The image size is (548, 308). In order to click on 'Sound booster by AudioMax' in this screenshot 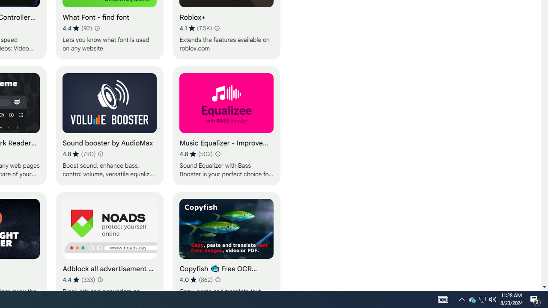, I will do `click(109, 125)`.